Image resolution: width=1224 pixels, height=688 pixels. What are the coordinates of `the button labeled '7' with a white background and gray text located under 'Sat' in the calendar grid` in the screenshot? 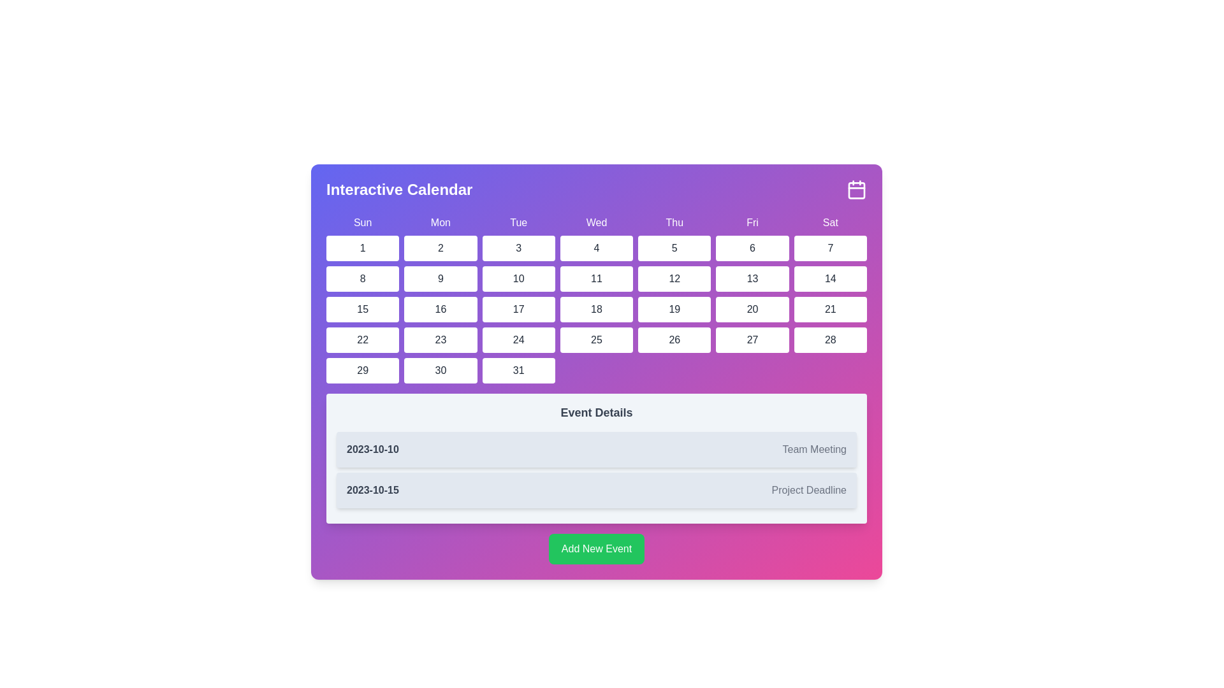 It's located at (830, 248).